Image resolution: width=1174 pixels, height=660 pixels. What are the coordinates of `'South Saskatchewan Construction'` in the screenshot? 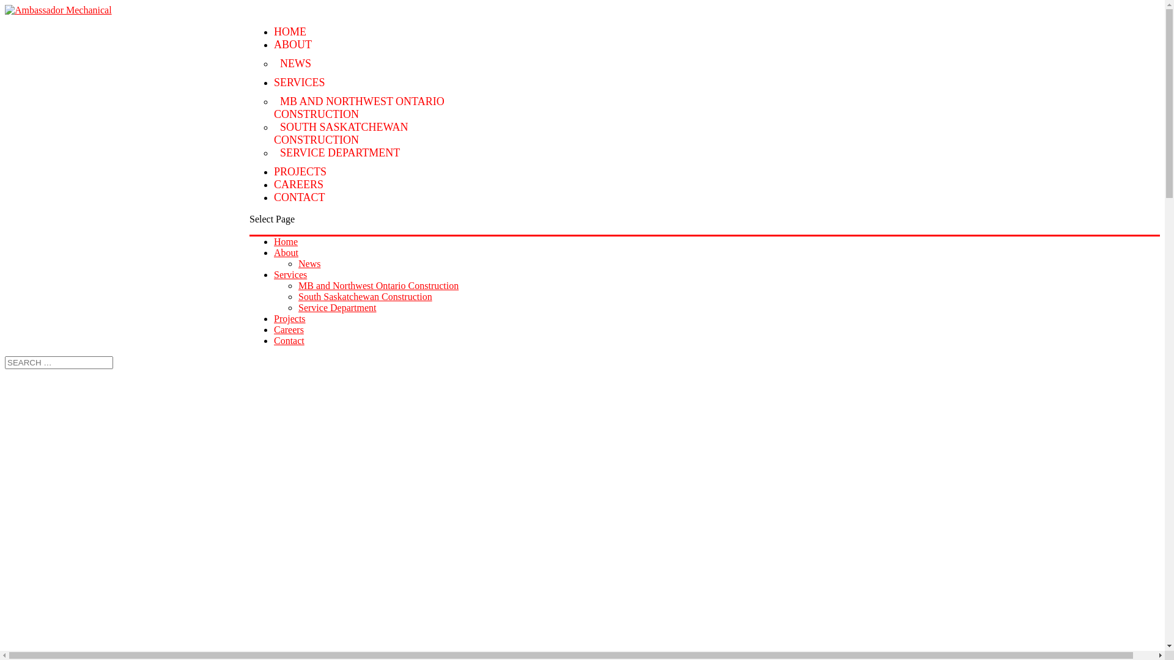 It's located at (364, 296).